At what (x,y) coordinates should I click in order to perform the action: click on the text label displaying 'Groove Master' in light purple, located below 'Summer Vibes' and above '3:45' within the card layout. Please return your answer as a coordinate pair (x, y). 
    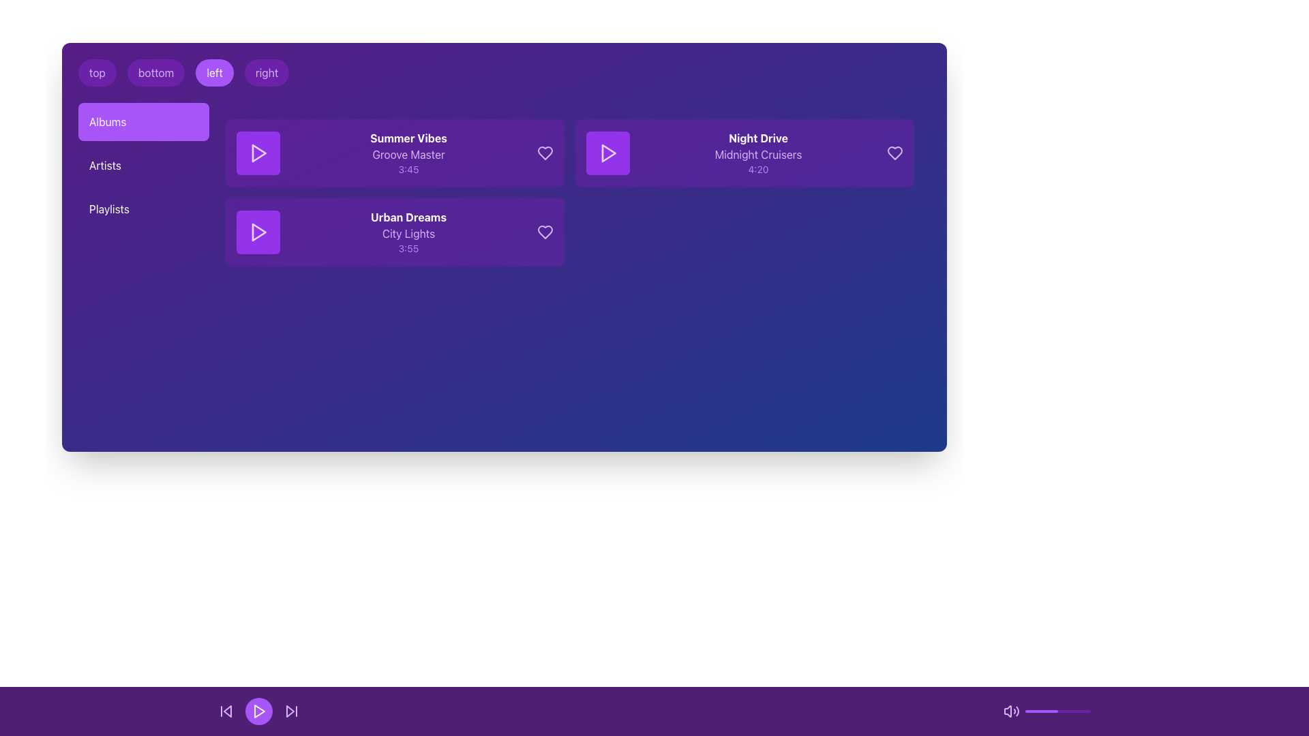
    Looking at the image, I should click on (408, 154).